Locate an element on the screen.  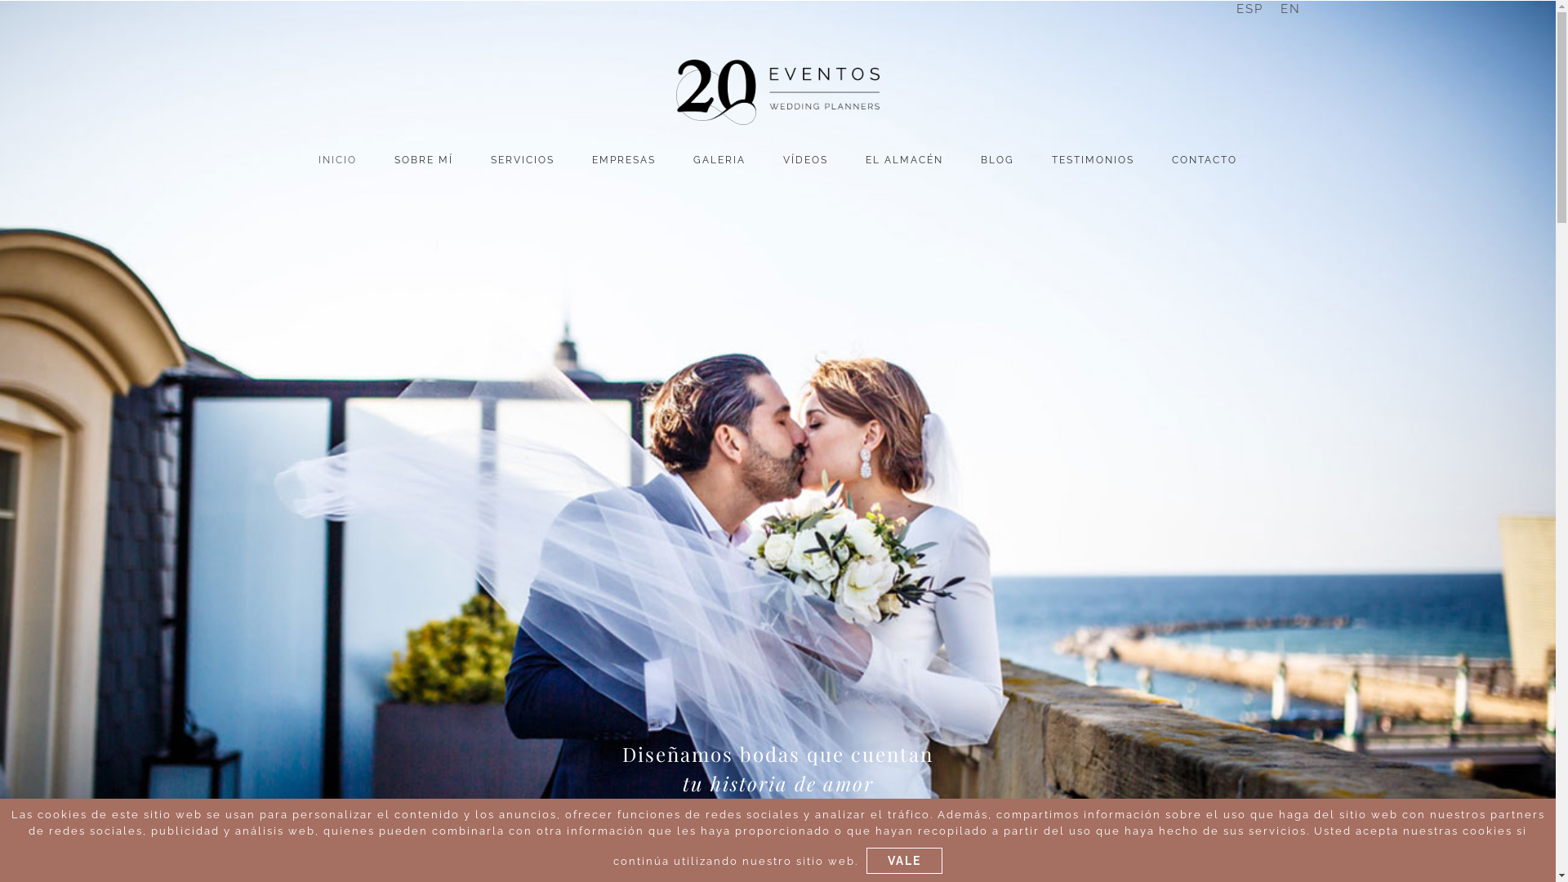
'BLOG' is located at coordinates (996, 160).